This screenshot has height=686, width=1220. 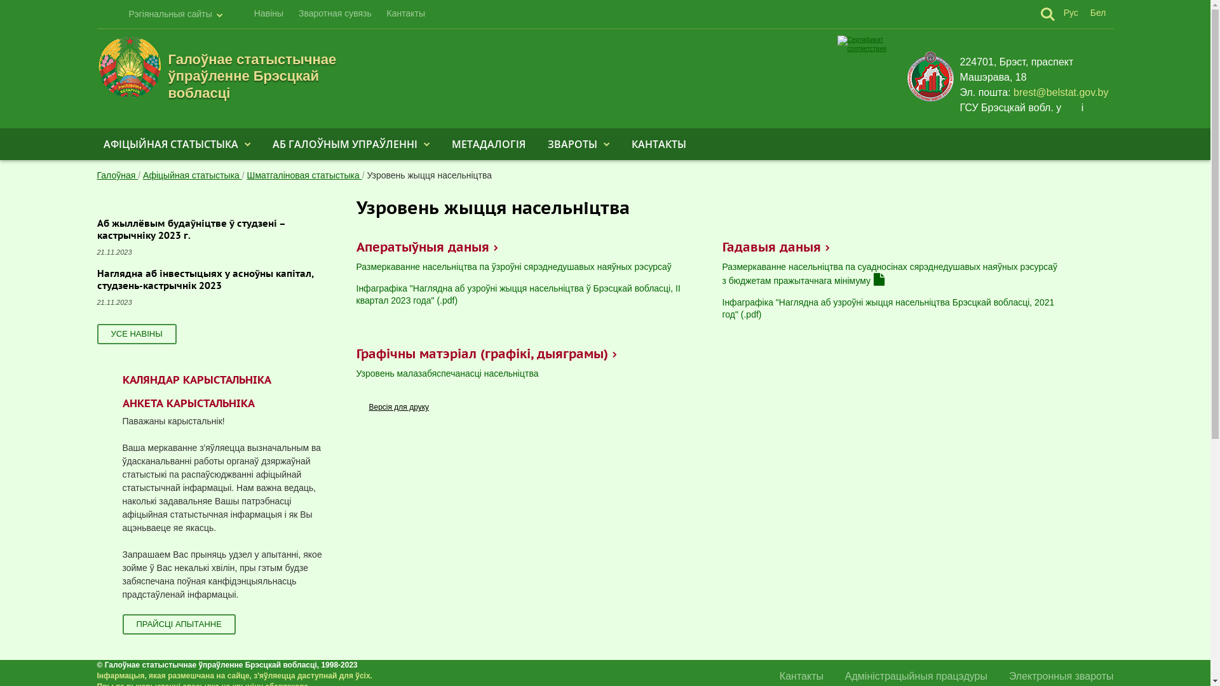 I want to click on 'brest@belstat.gov.by', so click(x=1061, y=92).